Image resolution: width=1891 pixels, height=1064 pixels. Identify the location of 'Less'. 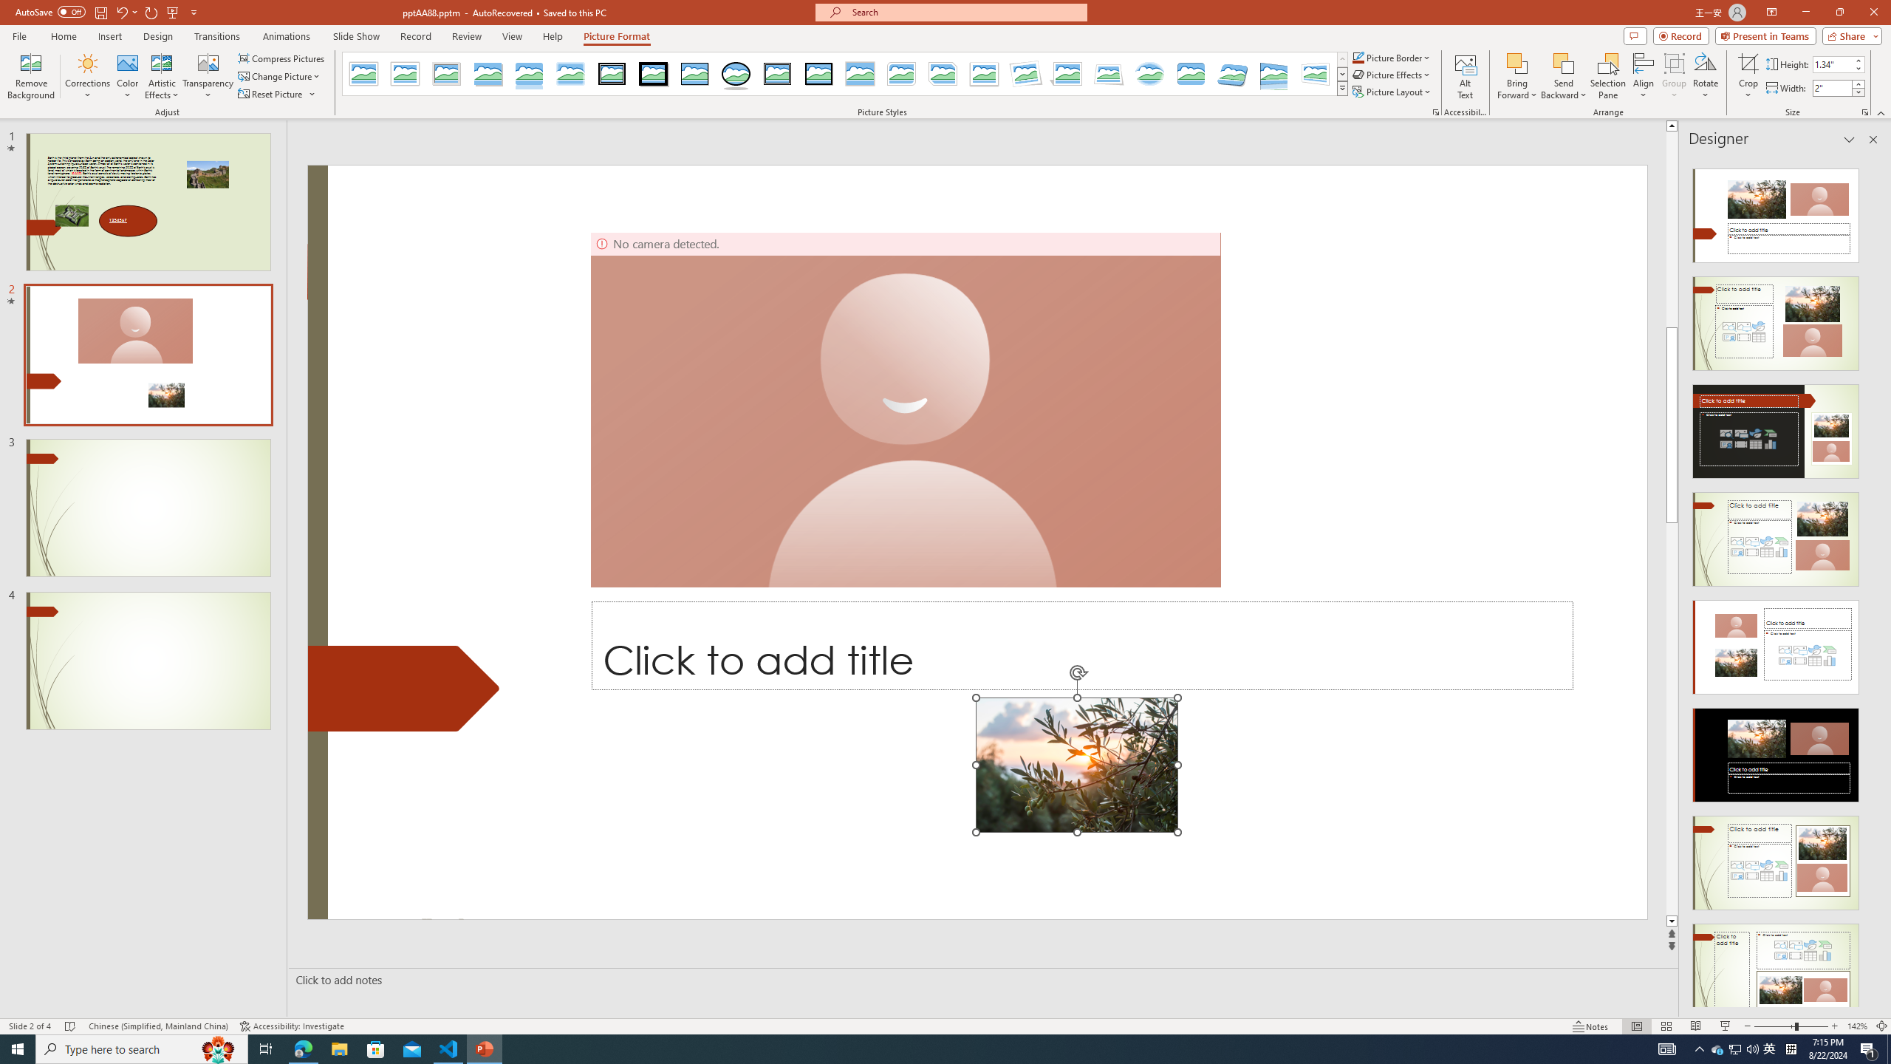
(1858, 91).